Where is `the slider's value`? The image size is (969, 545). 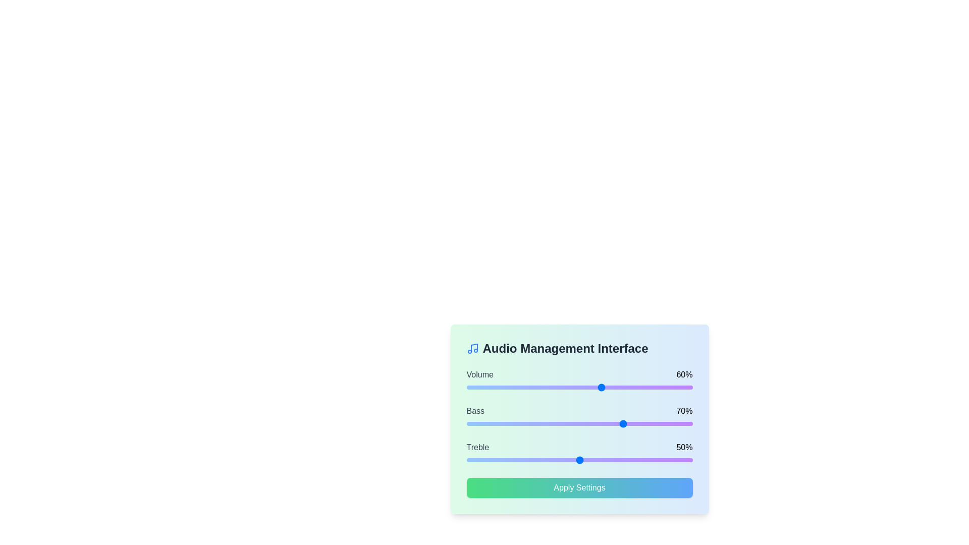 the slider's value is located at coordinates (681, 387).